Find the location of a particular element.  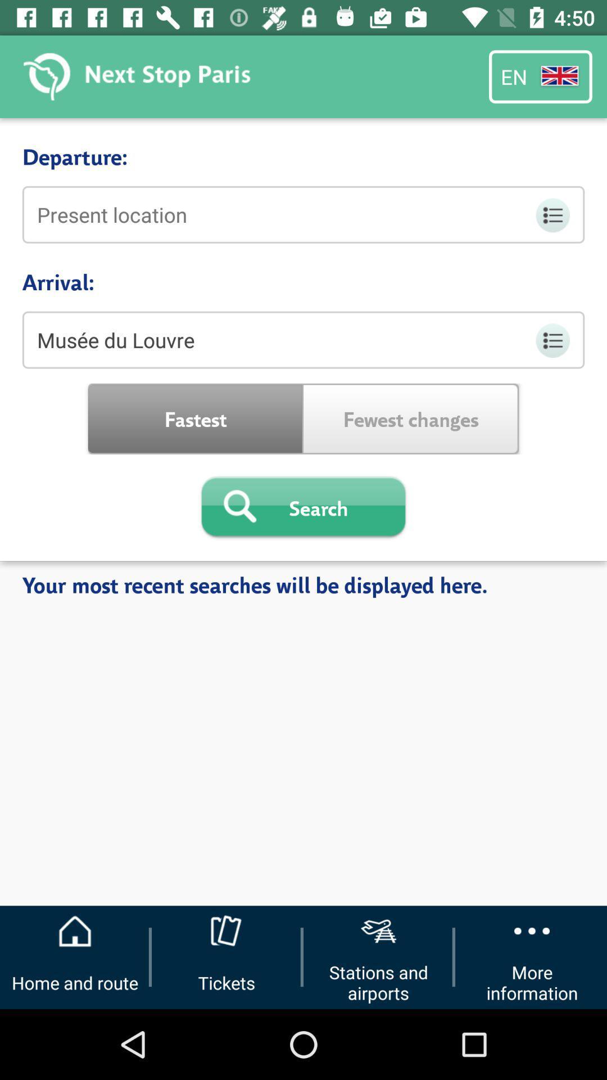

icon on the right is located at coordinates (411, 418).